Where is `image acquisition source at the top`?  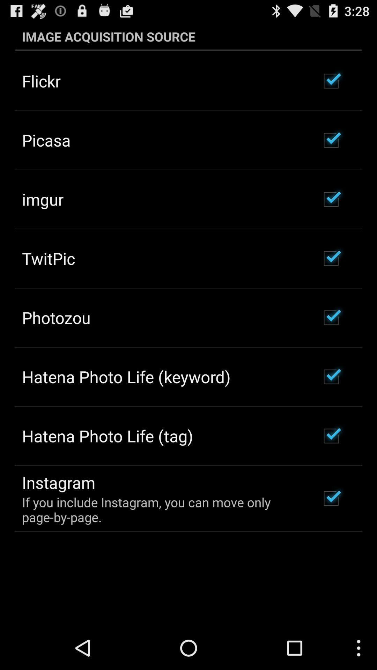
image acquisition source at the top is located at coordinates (188, 36).